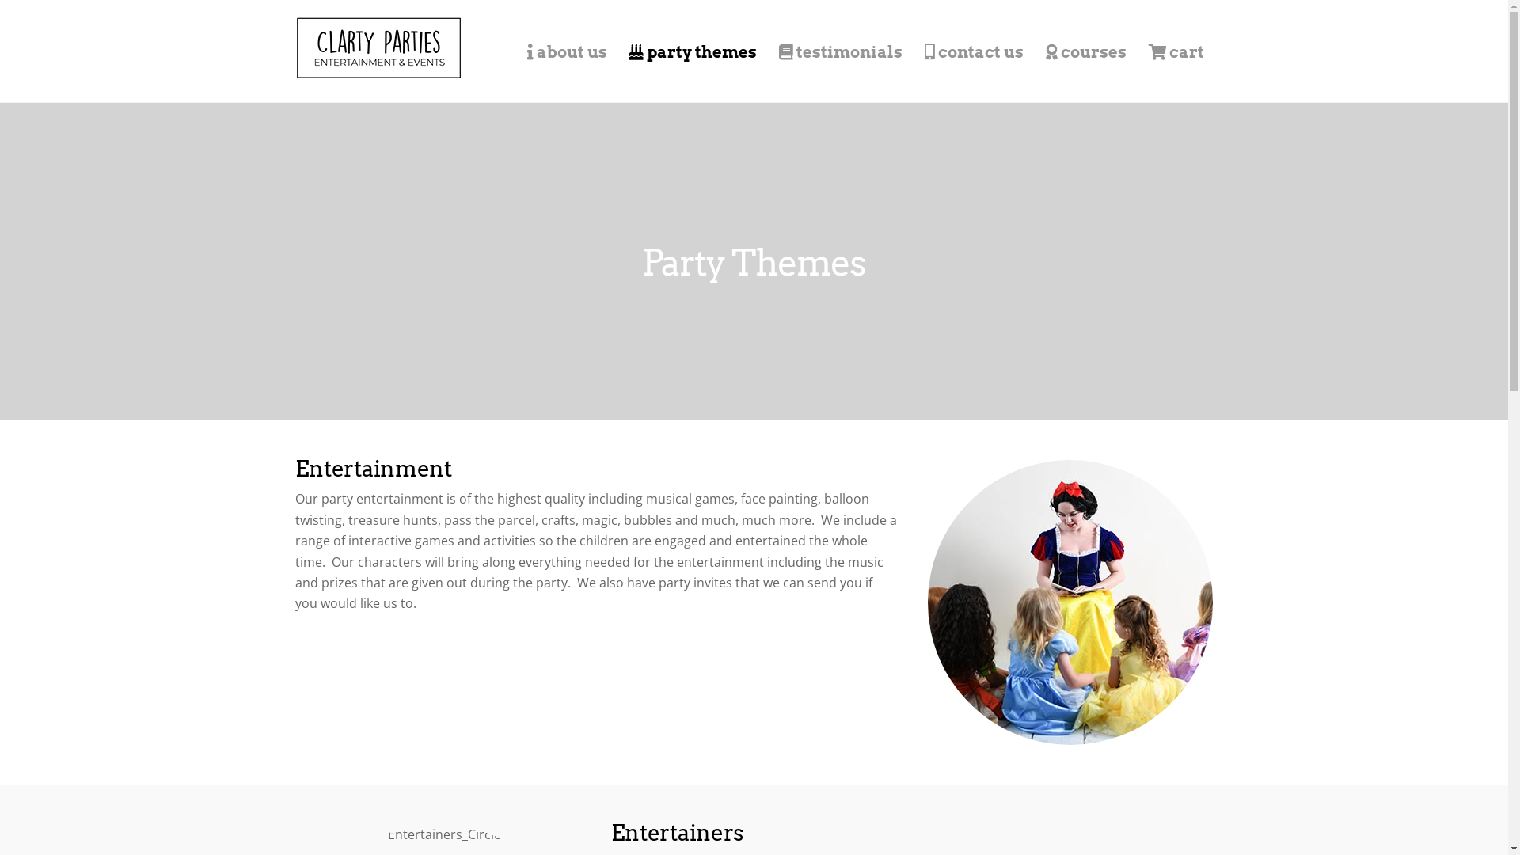  I want to click on 'Entertainment_Circle', so click(1070, 602).